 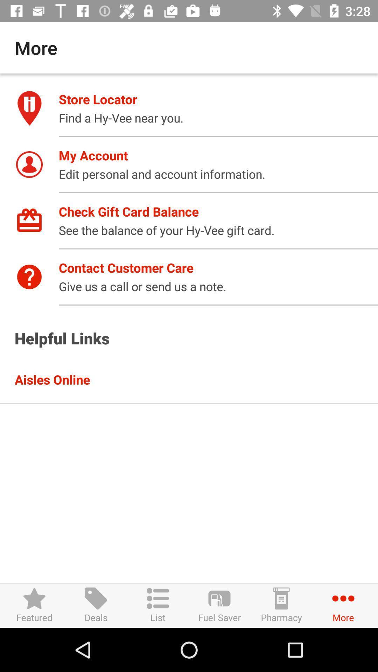 I want to click on the icon to the right of deals icon, so click(x=158, y=605).